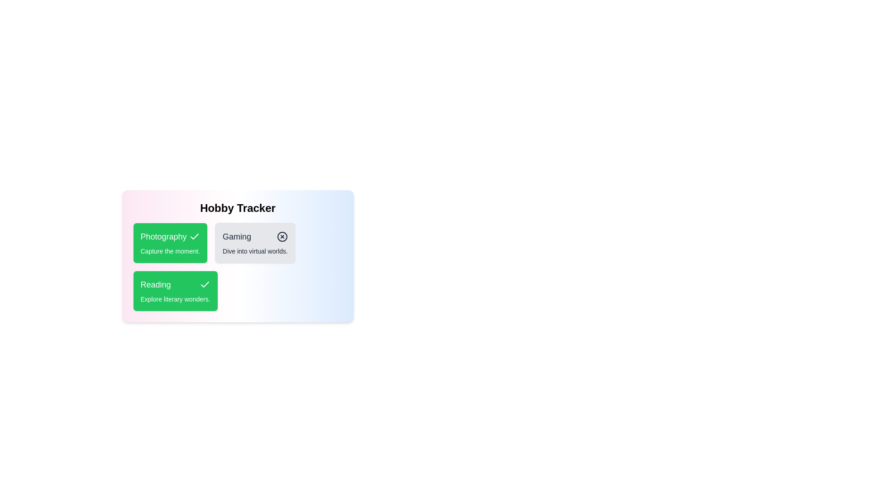 The width and height of the screenshot is (869, 489). What do you see at coordinates (175, 291) in the screenshot?
I see `the hobby card labeled Reading` at bounding box center [175, 291].